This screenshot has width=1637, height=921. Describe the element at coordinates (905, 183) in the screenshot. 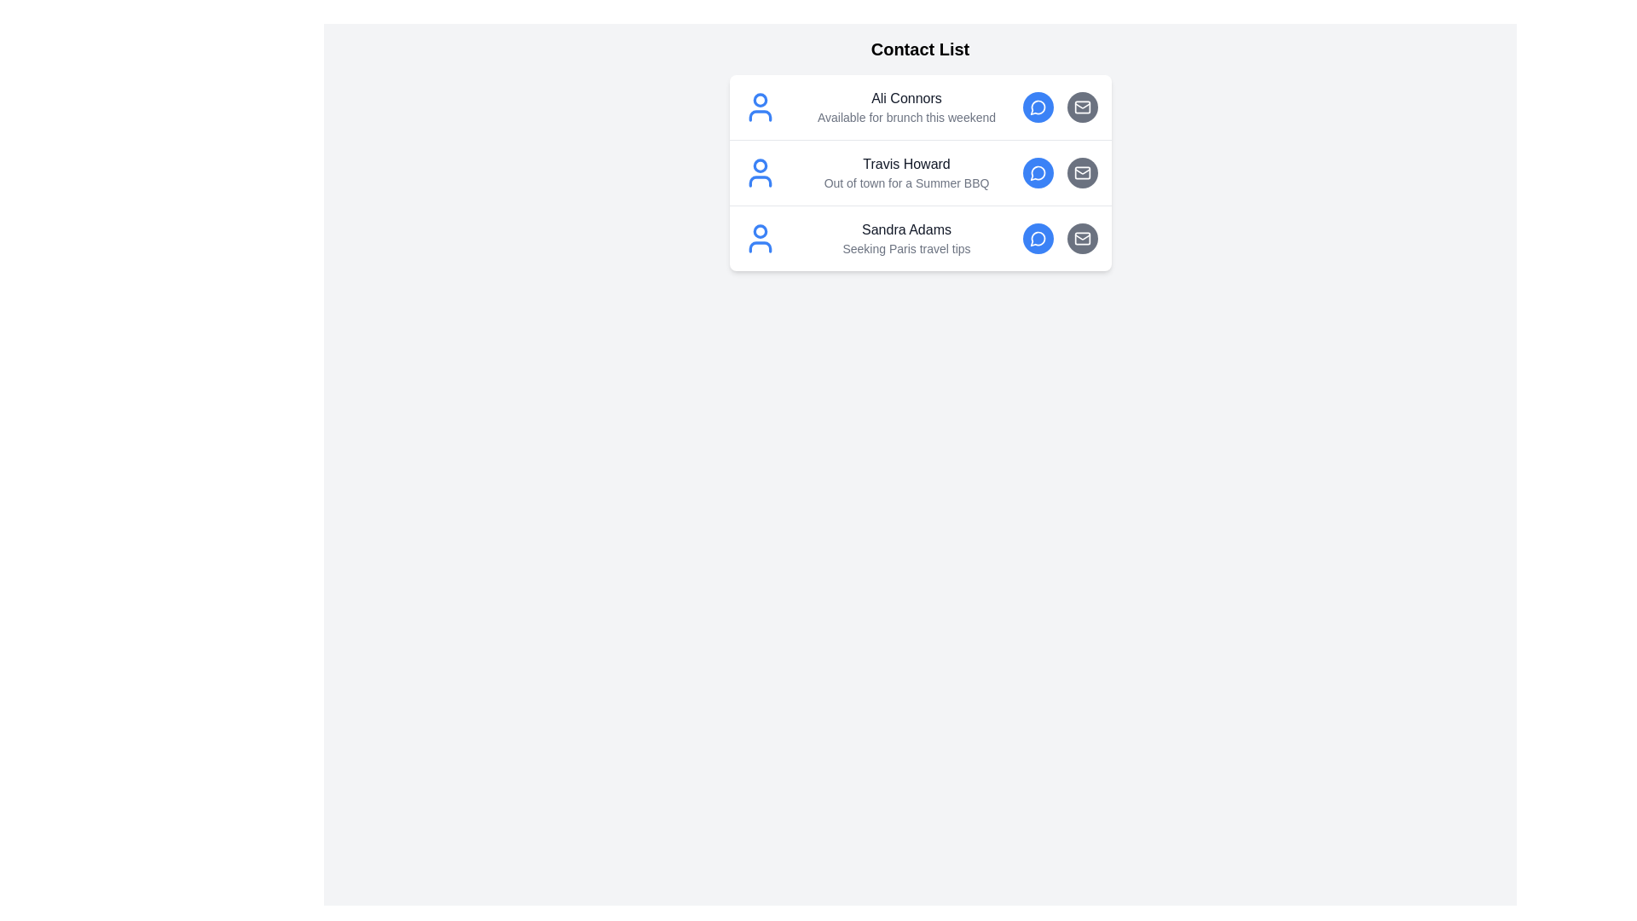

I see `the subtitle text element providing additional context about 'Travis Howard', which is the second item's subtitle in the contact list` at that location.